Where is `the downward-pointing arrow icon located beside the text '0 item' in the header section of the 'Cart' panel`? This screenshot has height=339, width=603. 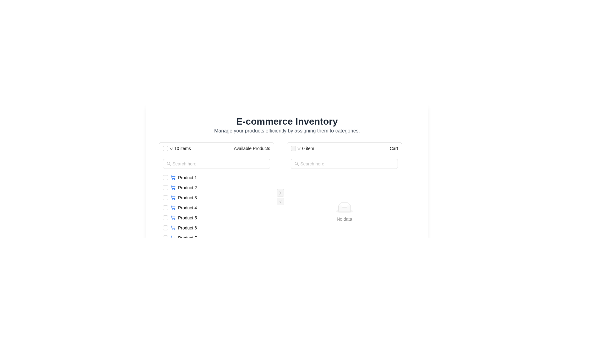
the downward-pointing arrow icon located beside the text '0 item' in the header section of the 'Cart' panel is located at coordinates (299, 149).